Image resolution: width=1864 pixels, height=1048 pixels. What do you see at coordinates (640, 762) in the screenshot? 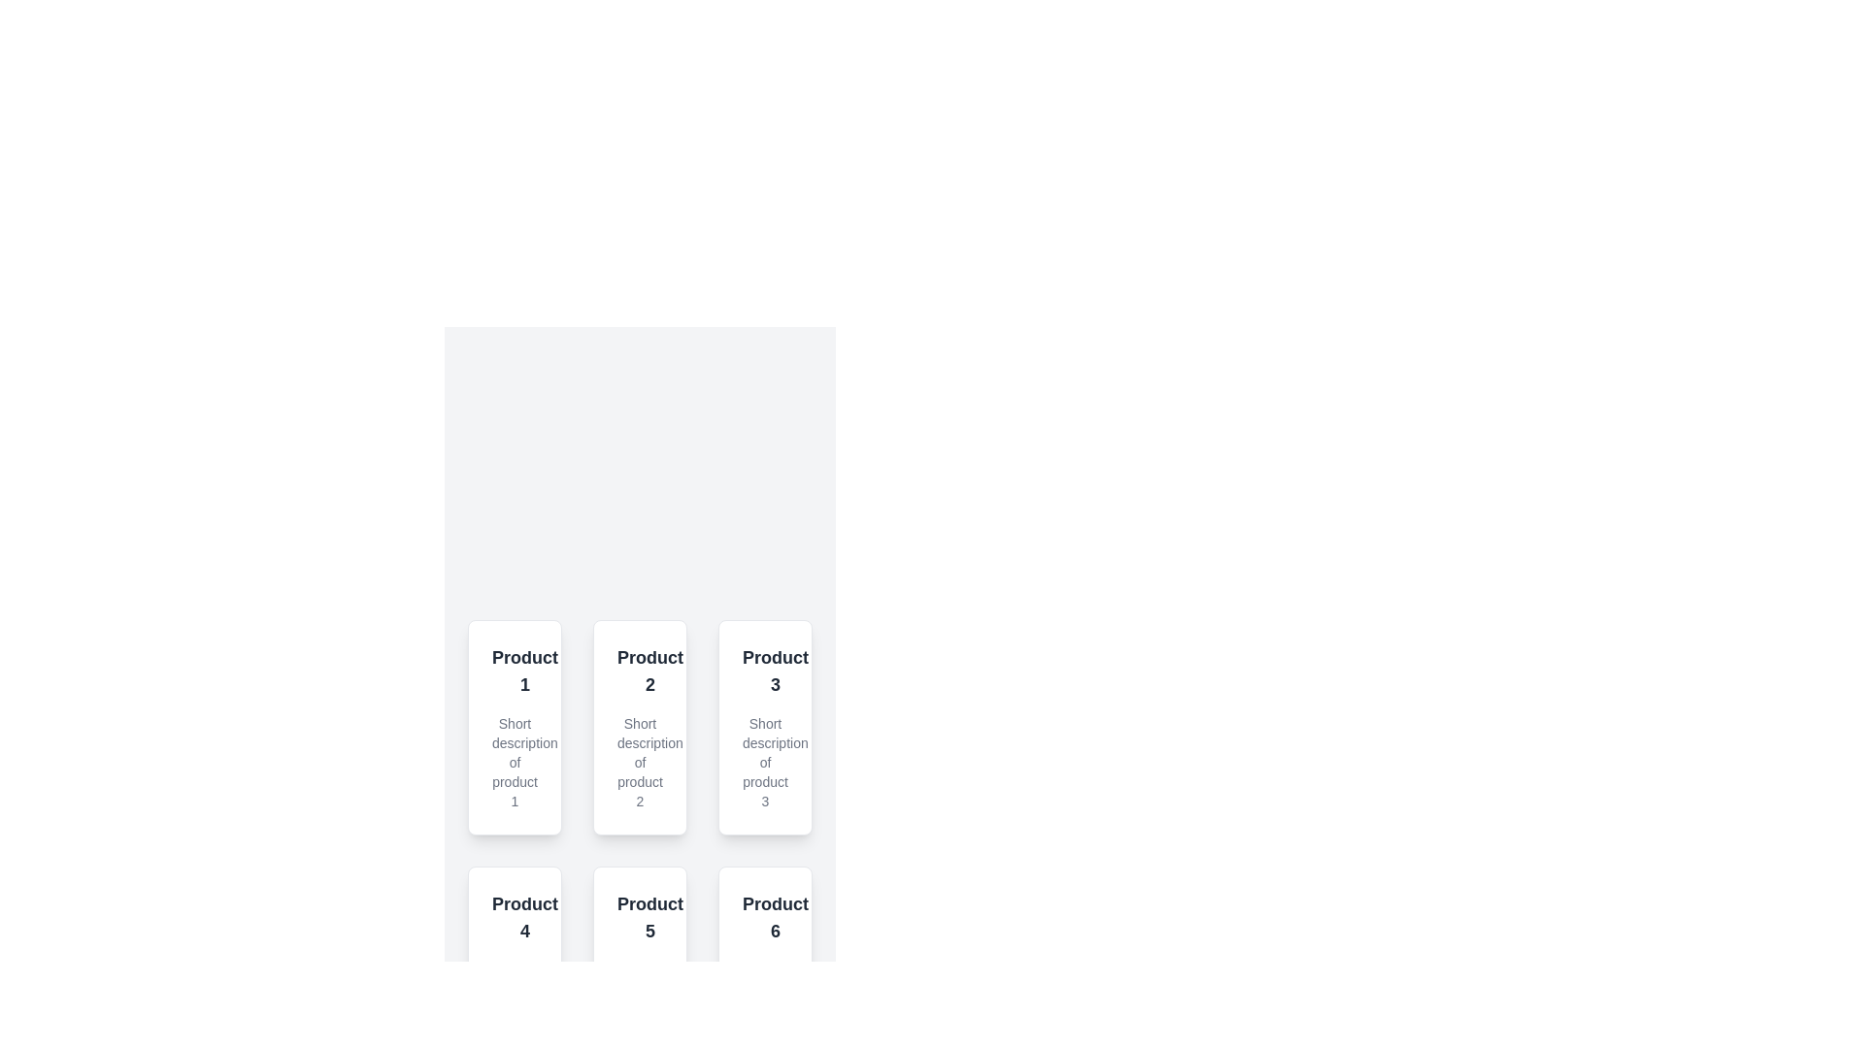
I see `the text label that displays 'Short description of product 2', which is styled in gray and smaller font size, located below the main title for 'Product 2'` at bounding box center [640, 762].